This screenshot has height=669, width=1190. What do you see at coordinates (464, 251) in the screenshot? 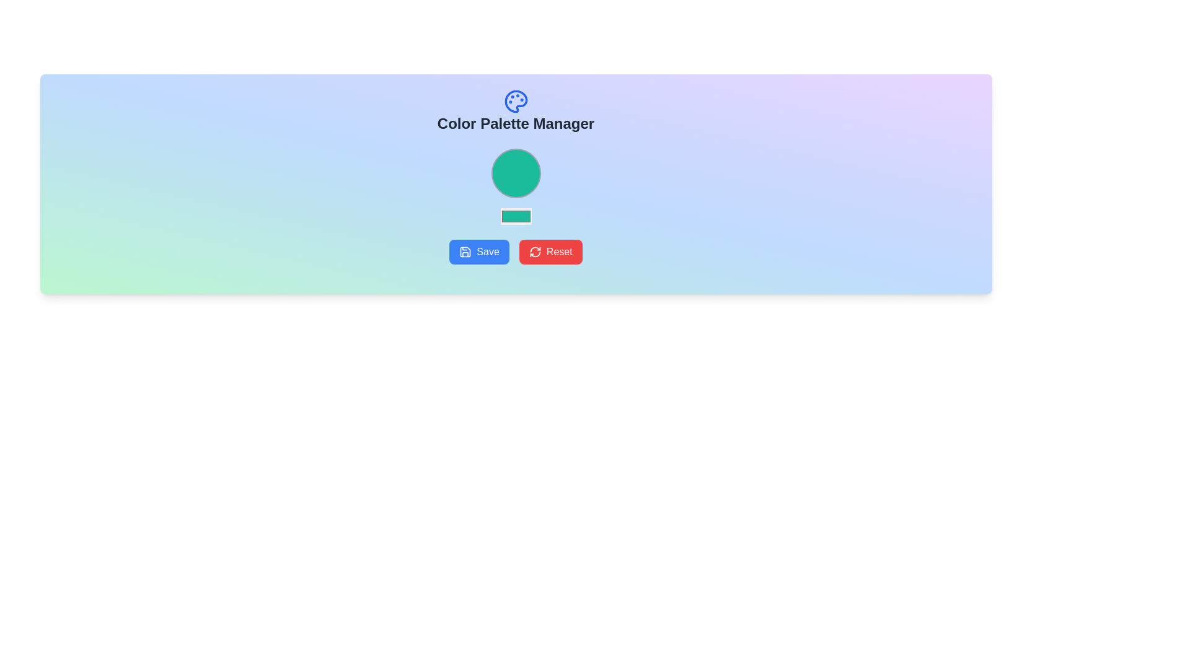
I see `the 'Save' button, which is a blue button containing a floppy disk icon and labeled with white text 'Save', located in the lower central area of the interface` at bounding box center [464, 251].